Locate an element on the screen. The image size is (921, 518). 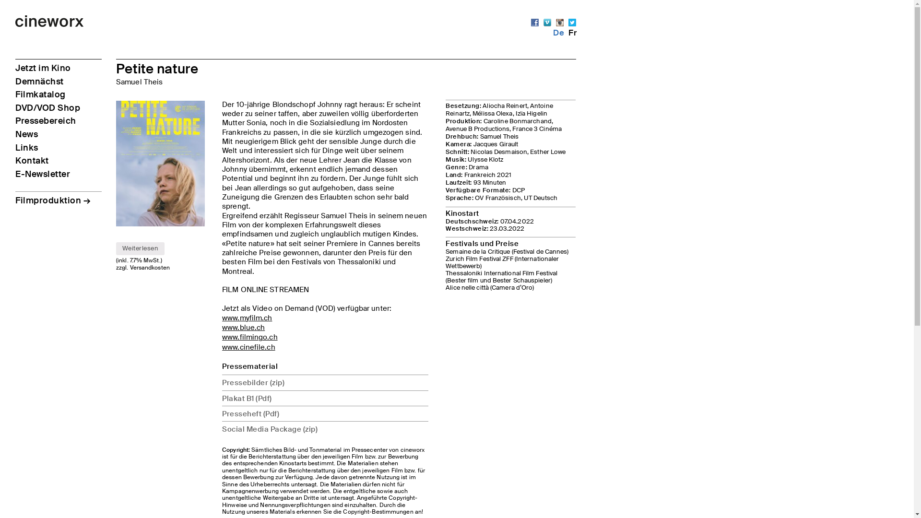
'cineworx' is located at coordinates (49, 24).